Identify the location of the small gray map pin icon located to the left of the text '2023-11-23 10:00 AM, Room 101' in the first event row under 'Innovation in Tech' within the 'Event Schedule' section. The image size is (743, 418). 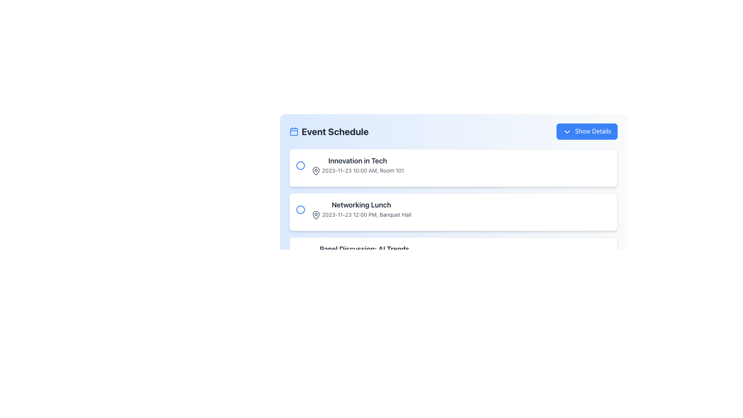
(316, 170).